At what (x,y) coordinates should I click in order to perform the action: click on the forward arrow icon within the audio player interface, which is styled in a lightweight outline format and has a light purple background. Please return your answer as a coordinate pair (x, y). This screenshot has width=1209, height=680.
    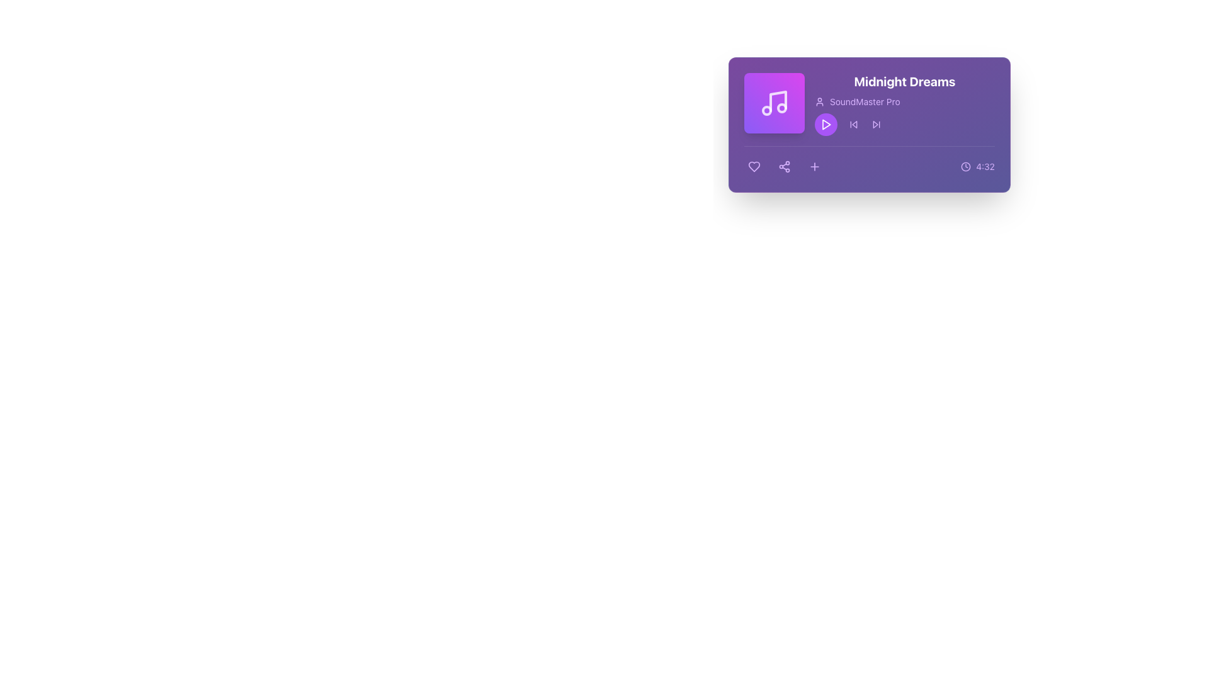
    Looking at the image, I should click on (875, 124).